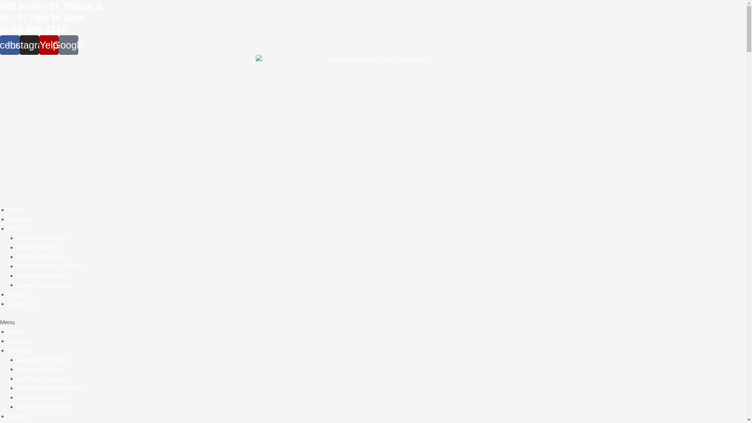 Image resolution: width=752 pixels, height=423 pixels. I want to click on 'Home Additions Services', so click(49, 388).